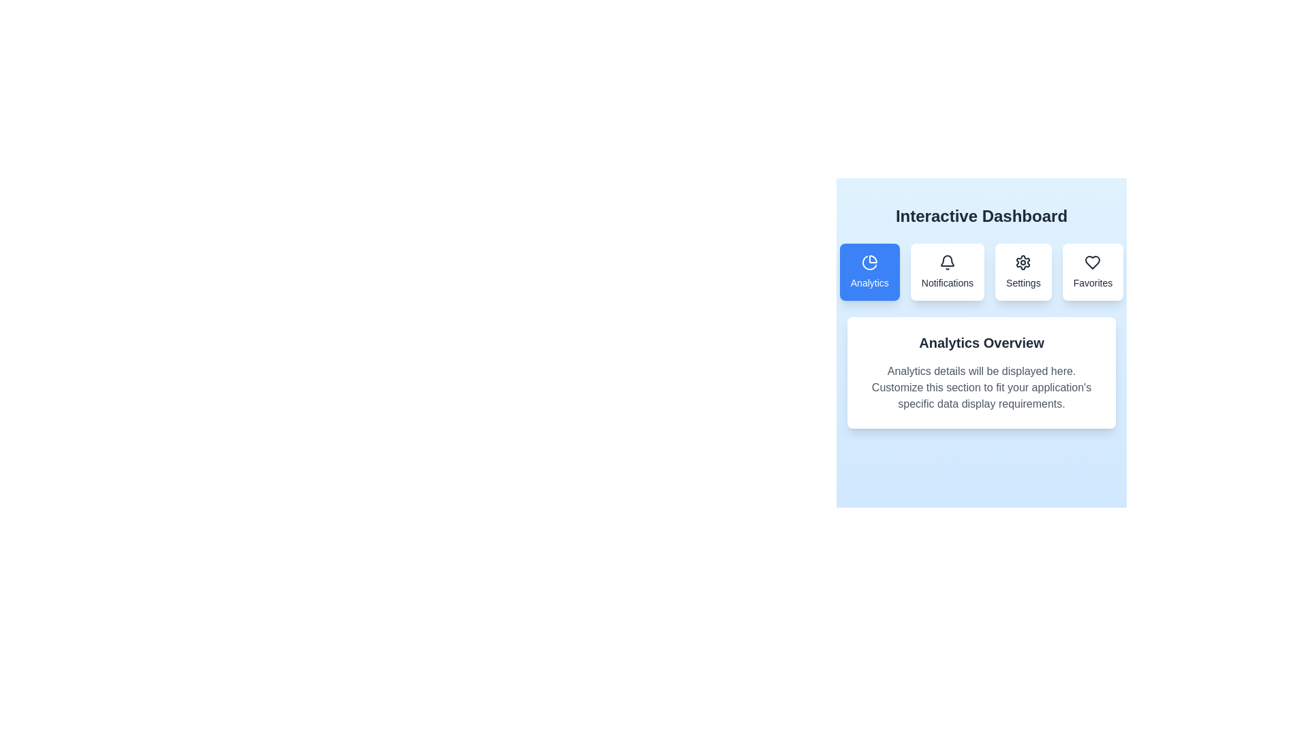  What do you see at coordinates (1023, 262) in the screenshot?
I see `the gear icon, which is part of the third tab in the horizontal navigation bar at the top section of the card layout` at bounding box center [1023, 262].